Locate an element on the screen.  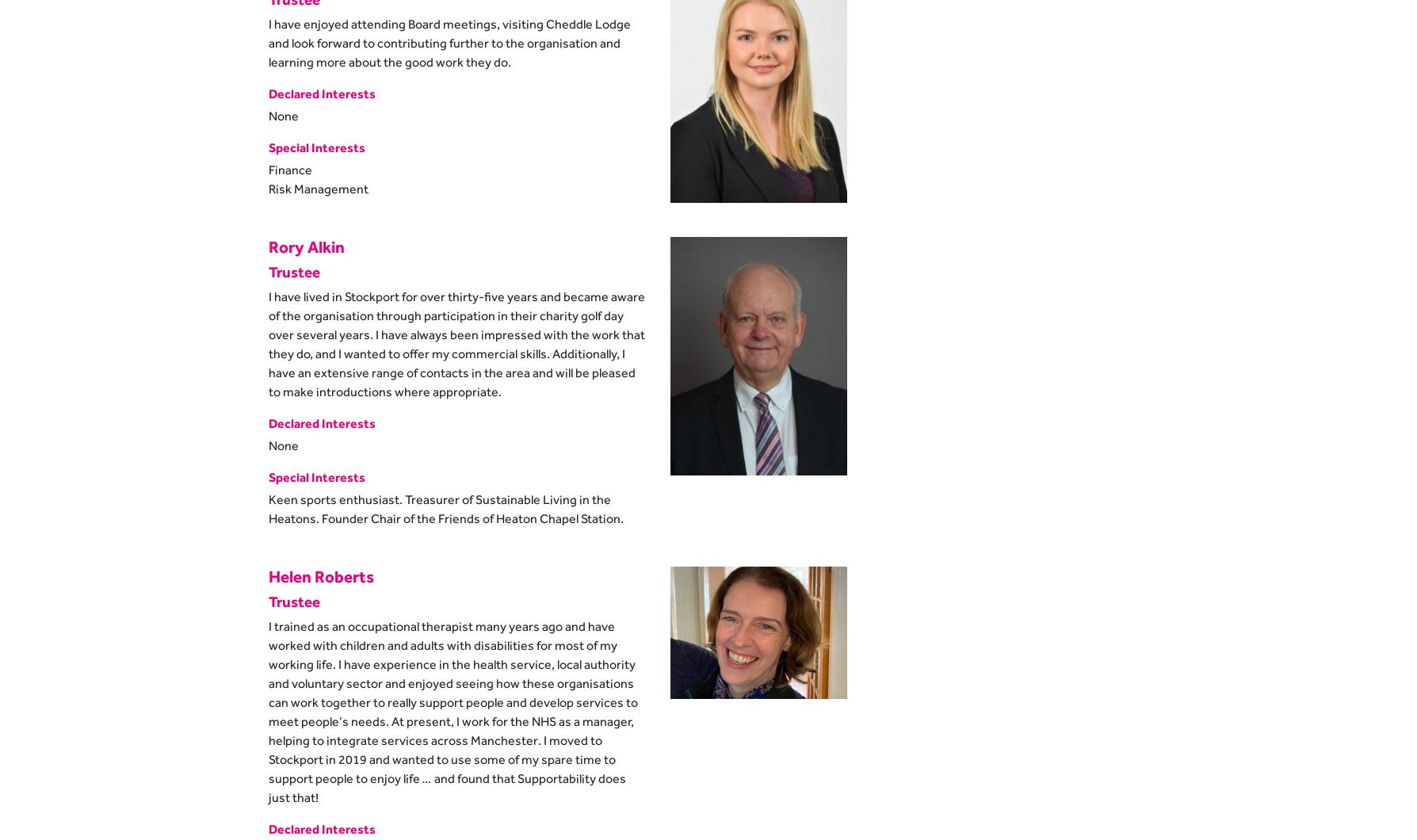
'Finance' is located at coordinates (289, 168).